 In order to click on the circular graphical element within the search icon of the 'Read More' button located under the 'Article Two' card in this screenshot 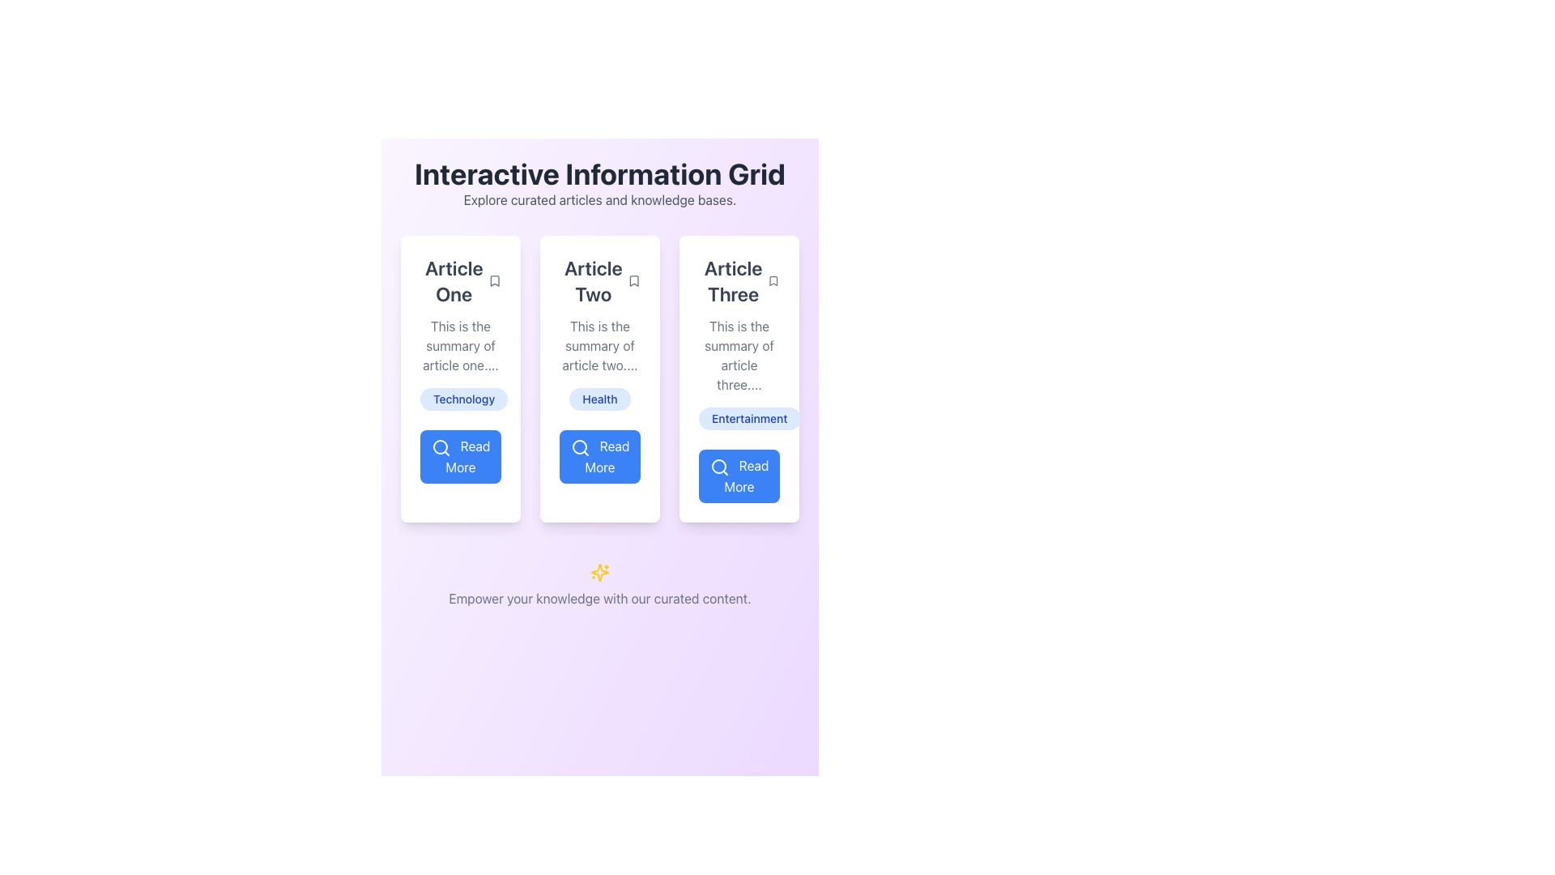, I will do `click(579, 446)`.